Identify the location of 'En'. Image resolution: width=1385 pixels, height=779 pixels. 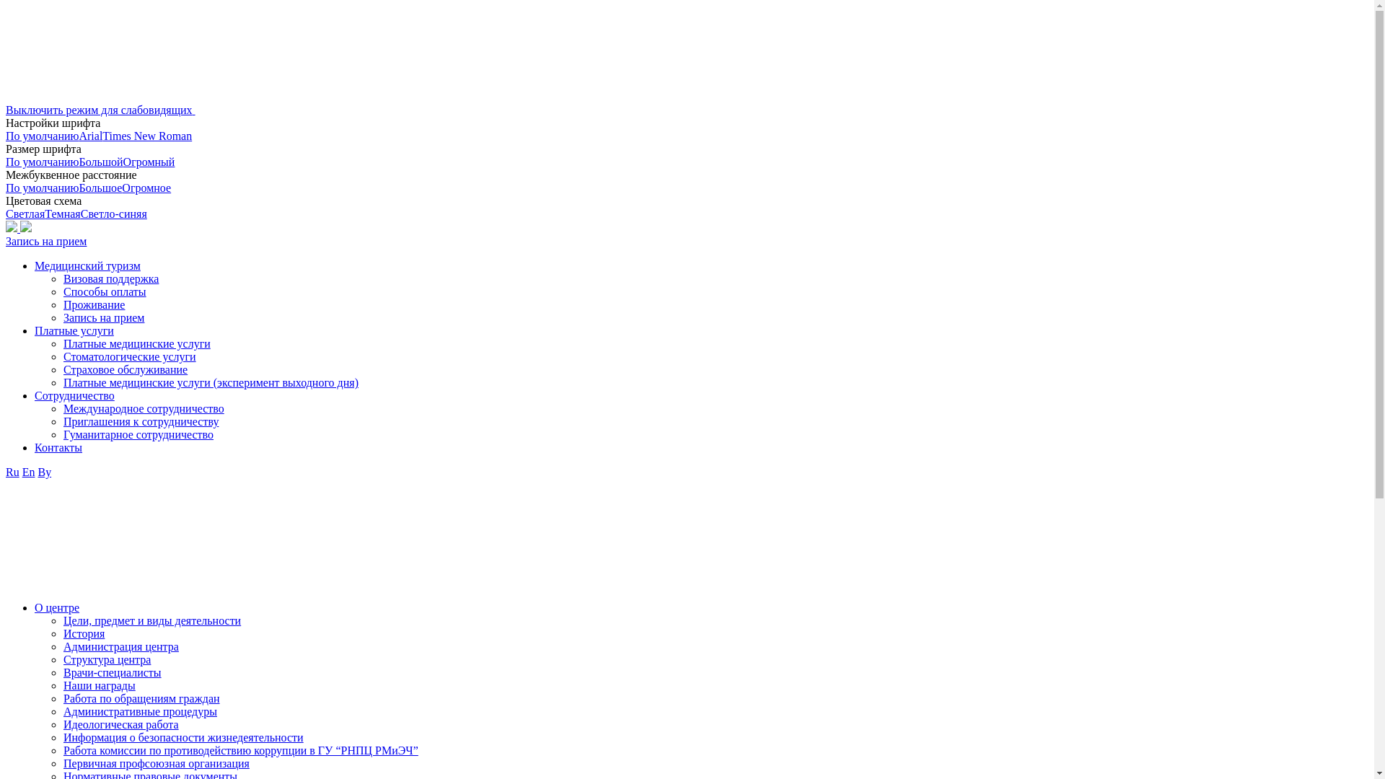
(22, 472).